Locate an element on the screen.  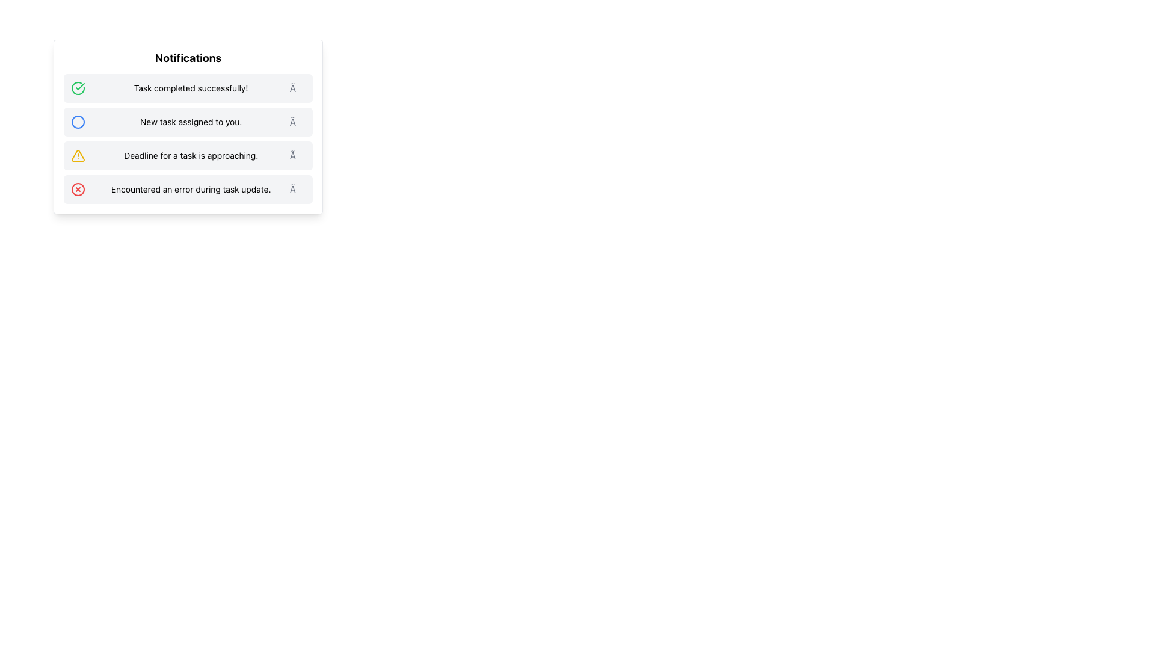
the dismiss button with the character '×' in the 'Task completed successfully!' notification message bar is located at coordinates (297, 87).